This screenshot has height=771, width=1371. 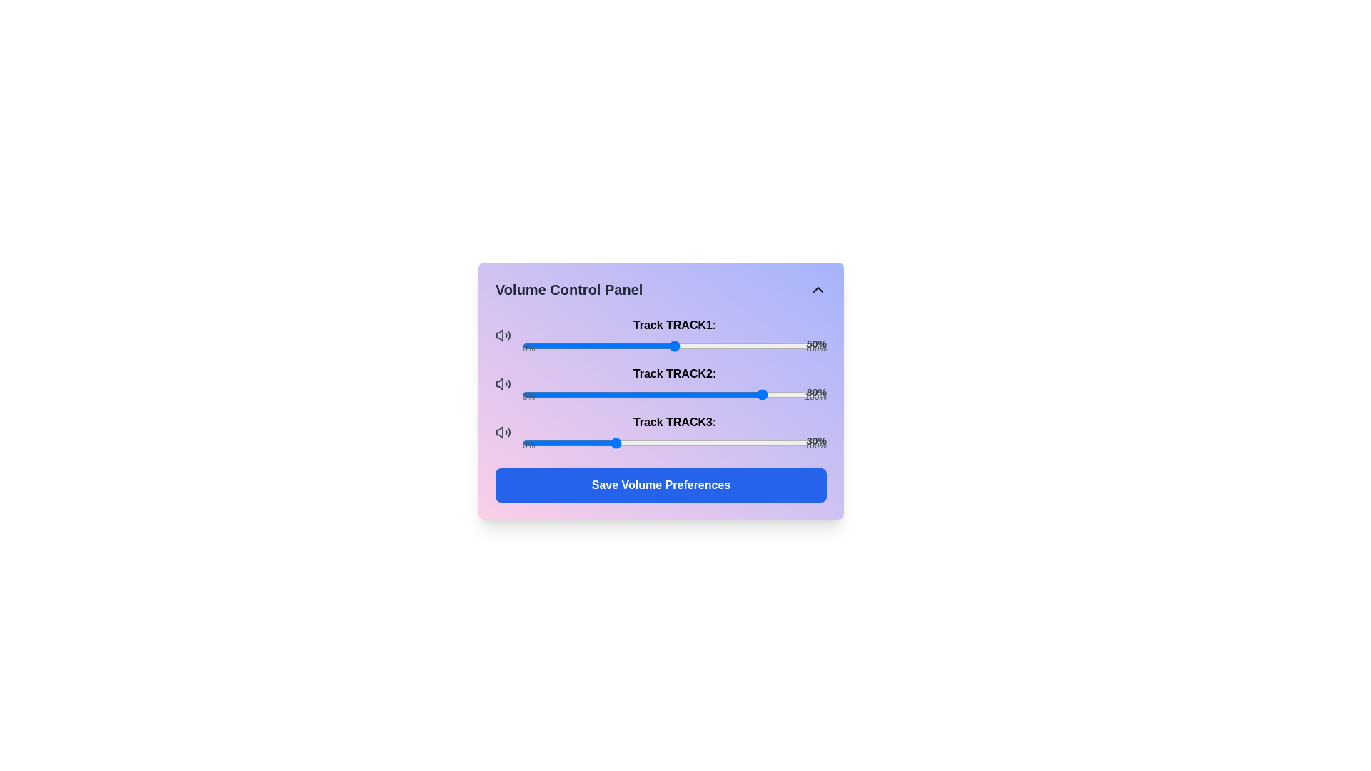 I want to click on the slider, so click(x=605, y=346).